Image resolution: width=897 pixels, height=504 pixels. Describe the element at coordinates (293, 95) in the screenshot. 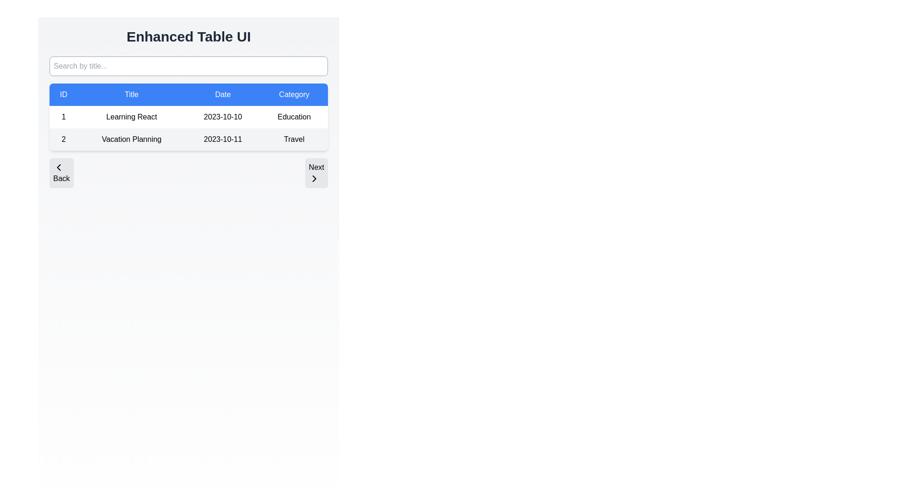

I see `the 'Category' column header in the table, which is the fourth item in the row of column headers, positioned to the right of the 'Date' header` at that location.